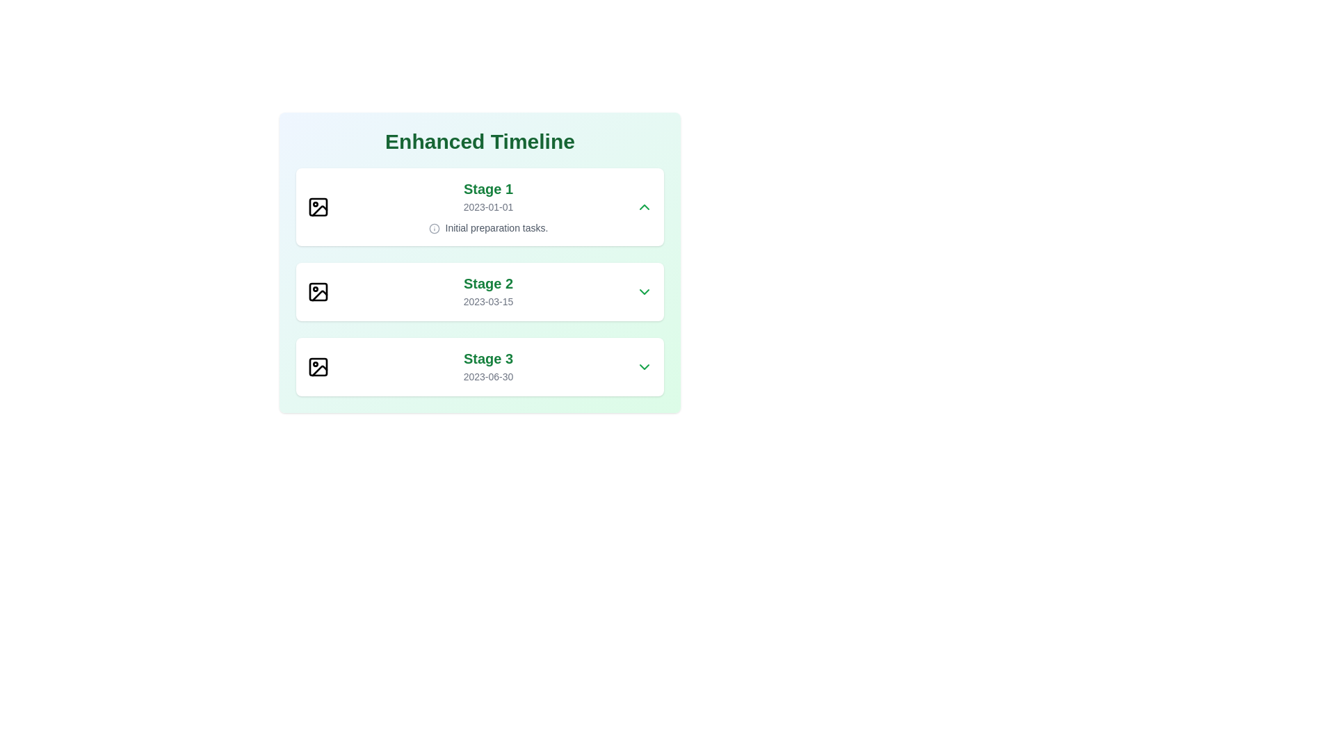 This screenshot has height=751, width=1335. Describe the element at coordinates (488, 207) in the screenshot. I see `date information displayed in the text label located below the 'Stage 1' header in the timeline interface` at that location.